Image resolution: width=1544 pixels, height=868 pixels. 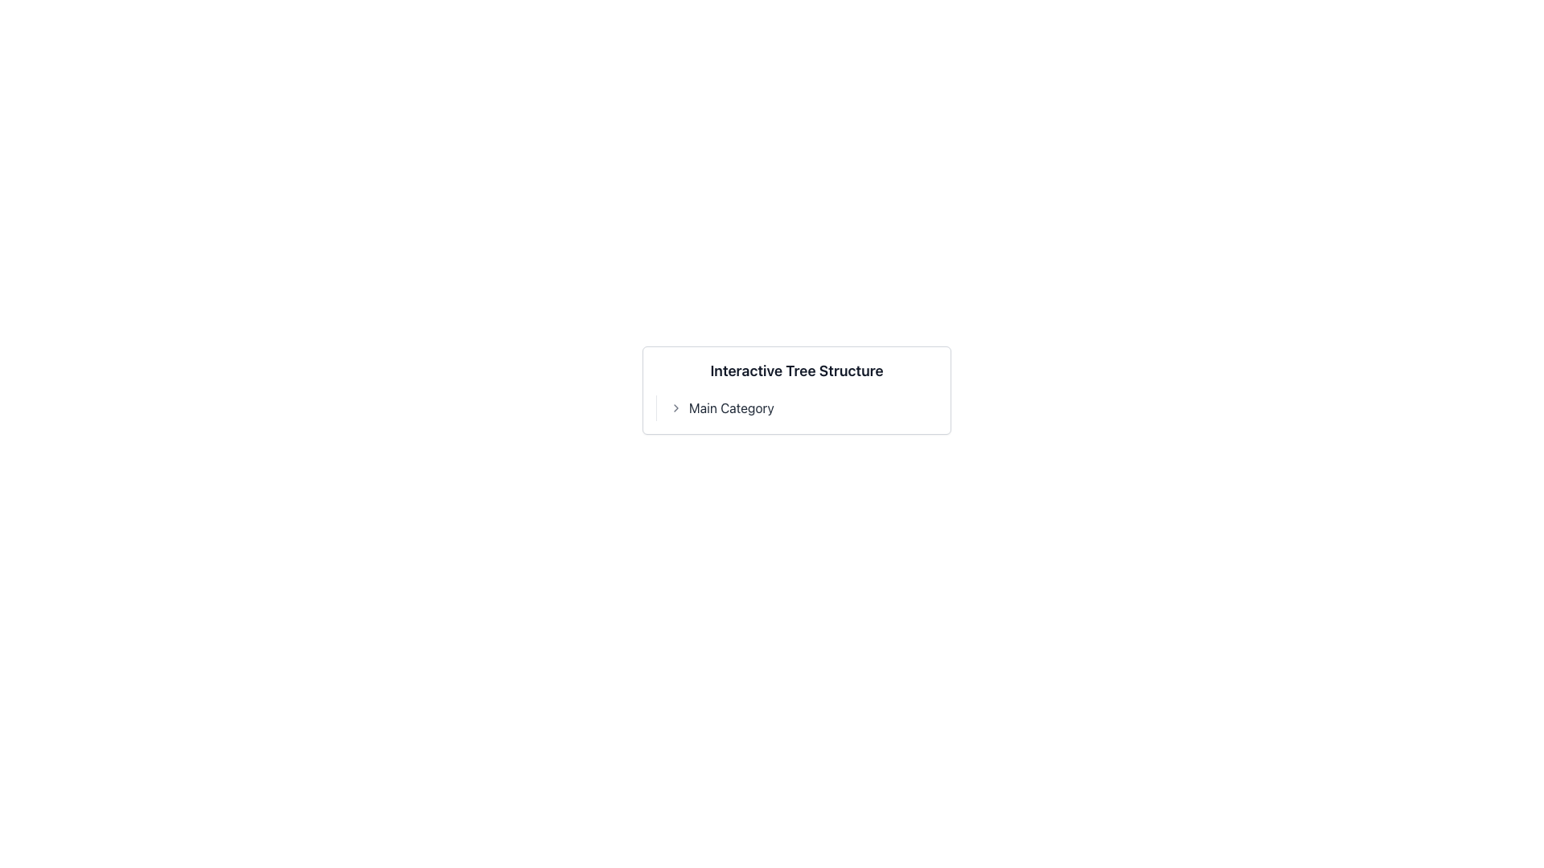 I want to click on the static text label that displays 'Interactive Tree Structure', which is styled with a bold and large font, located above the 'Main Category' label, so click(x=796, y=371).